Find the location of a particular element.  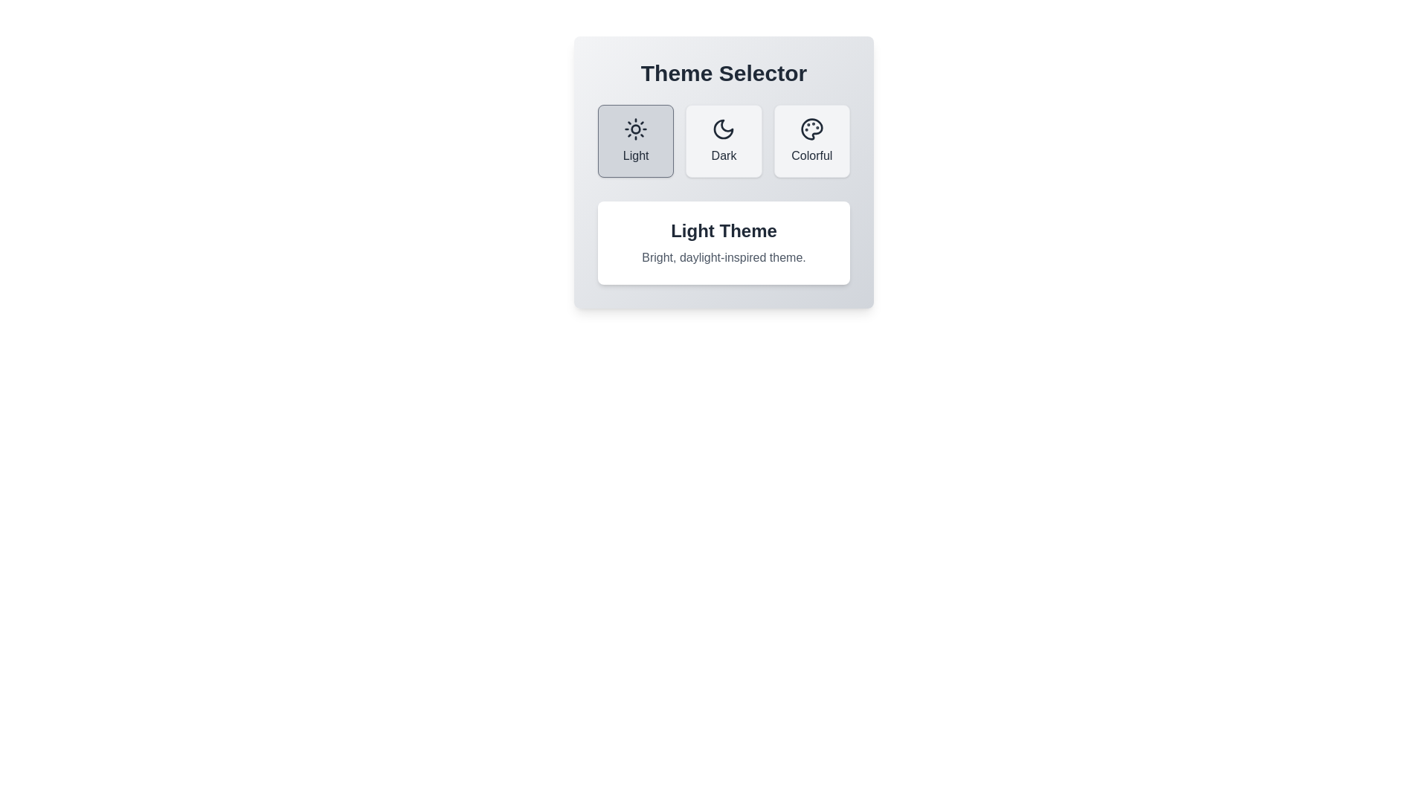

the 'Dark' text label located centrally in the 'Theme Selector' interface, which is positioned beneath a moon icon is located at coordinates (724, 155).